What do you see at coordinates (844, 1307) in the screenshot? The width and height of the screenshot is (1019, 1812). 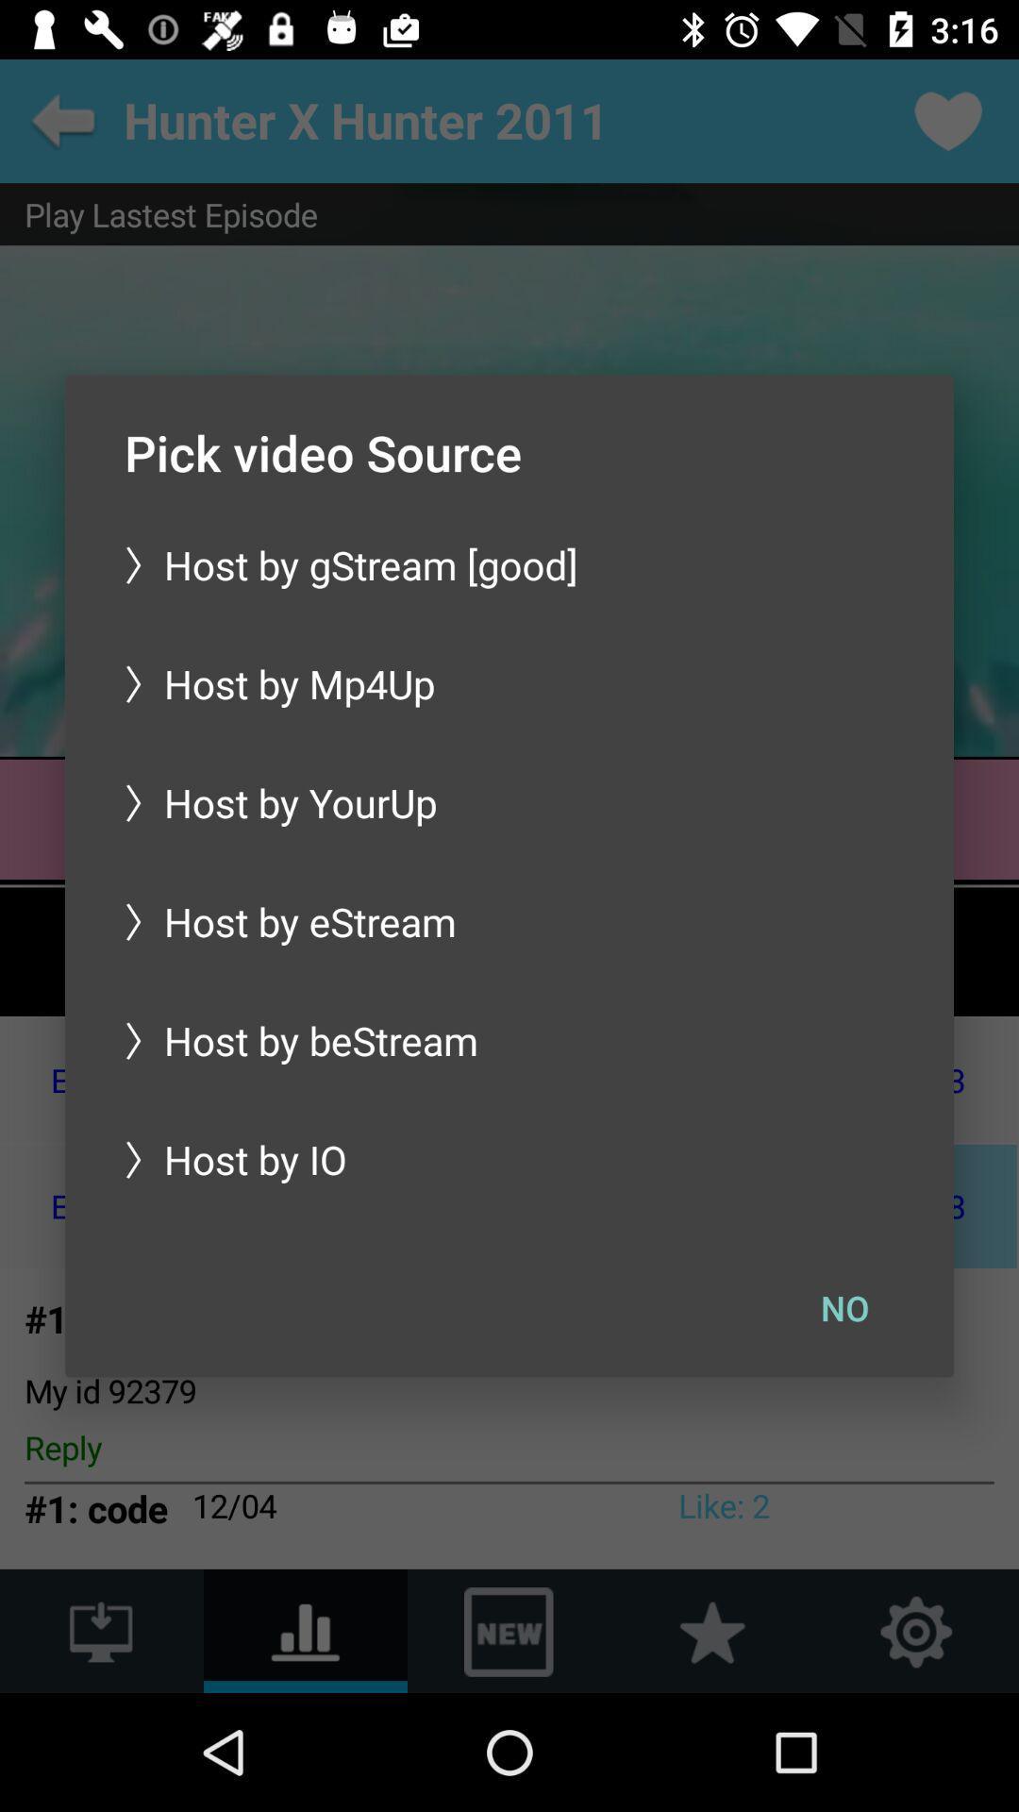 I see `no icon` at bounding box center [844, 1307].